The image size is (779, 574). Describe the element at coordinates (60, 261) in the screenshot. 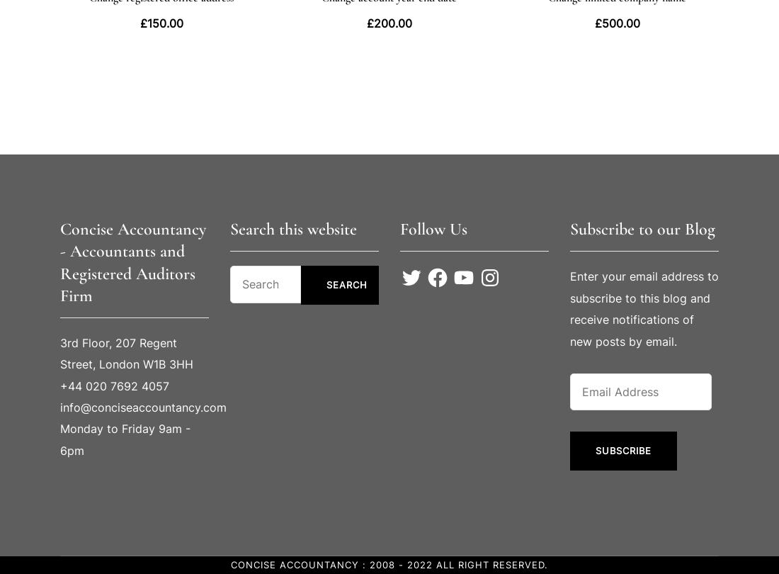

I see `'Concise Accountancy - Accountants and Registered Auditors Firm'` at that location.